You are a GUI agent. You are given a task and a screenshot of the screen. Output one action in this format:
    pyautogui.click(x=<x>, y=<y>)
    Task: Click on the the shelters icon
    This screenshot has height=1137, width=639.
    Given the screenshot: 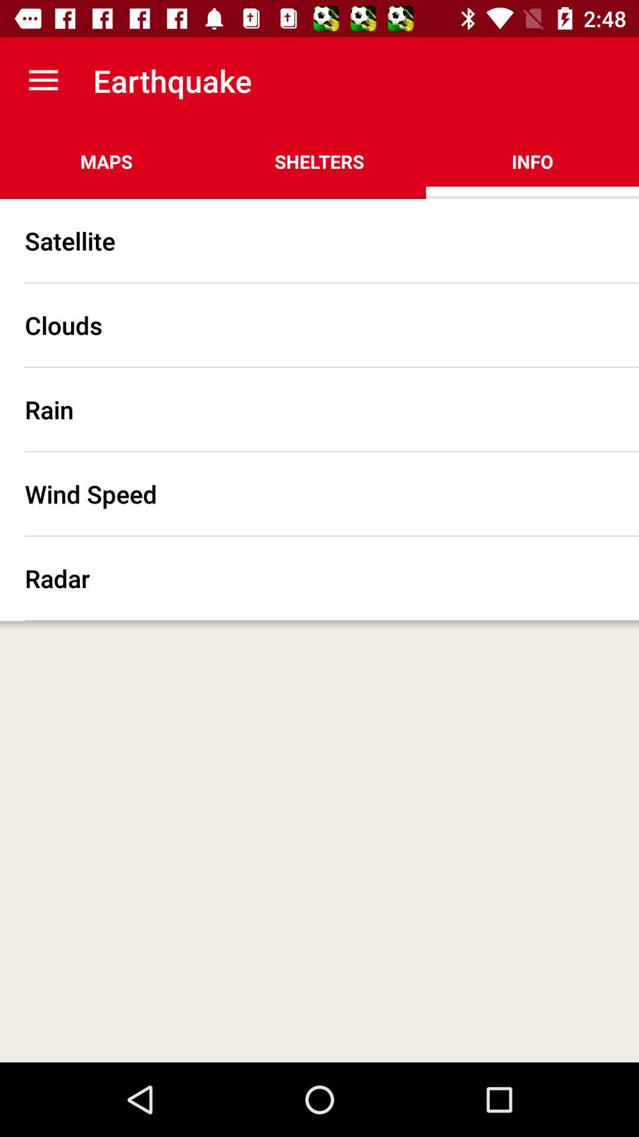 What is the action you would take?
    pyautogui.click(x=319, y=161)
    